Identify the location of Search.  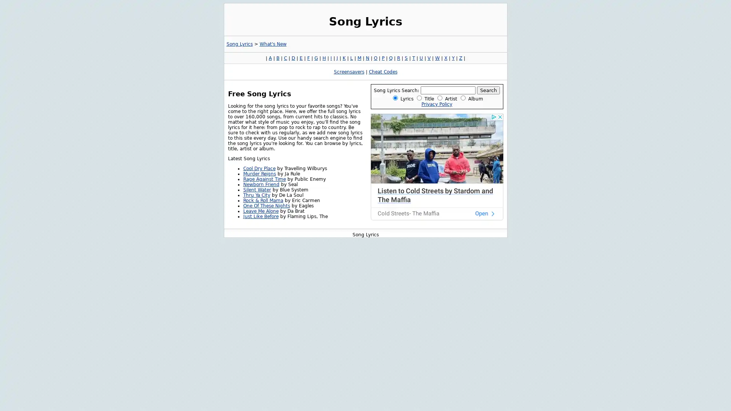
(488, 90).